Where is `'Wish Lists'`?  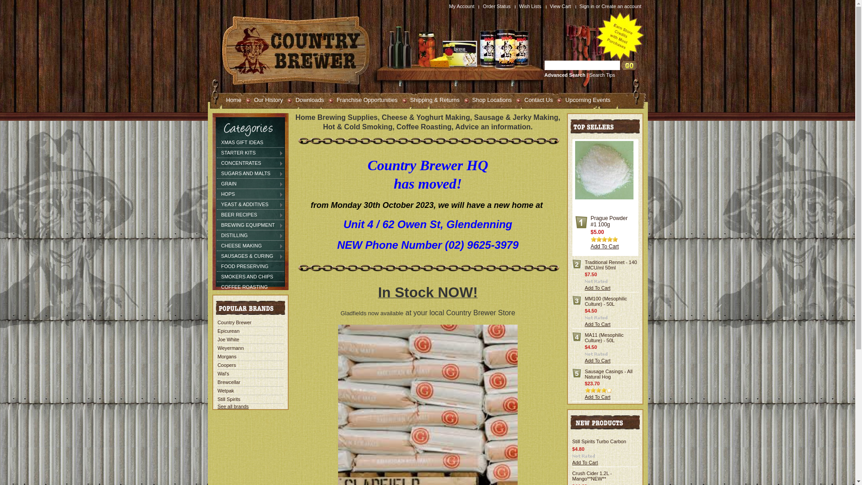 'Wish Lists' is located at coordinates (531, 6).